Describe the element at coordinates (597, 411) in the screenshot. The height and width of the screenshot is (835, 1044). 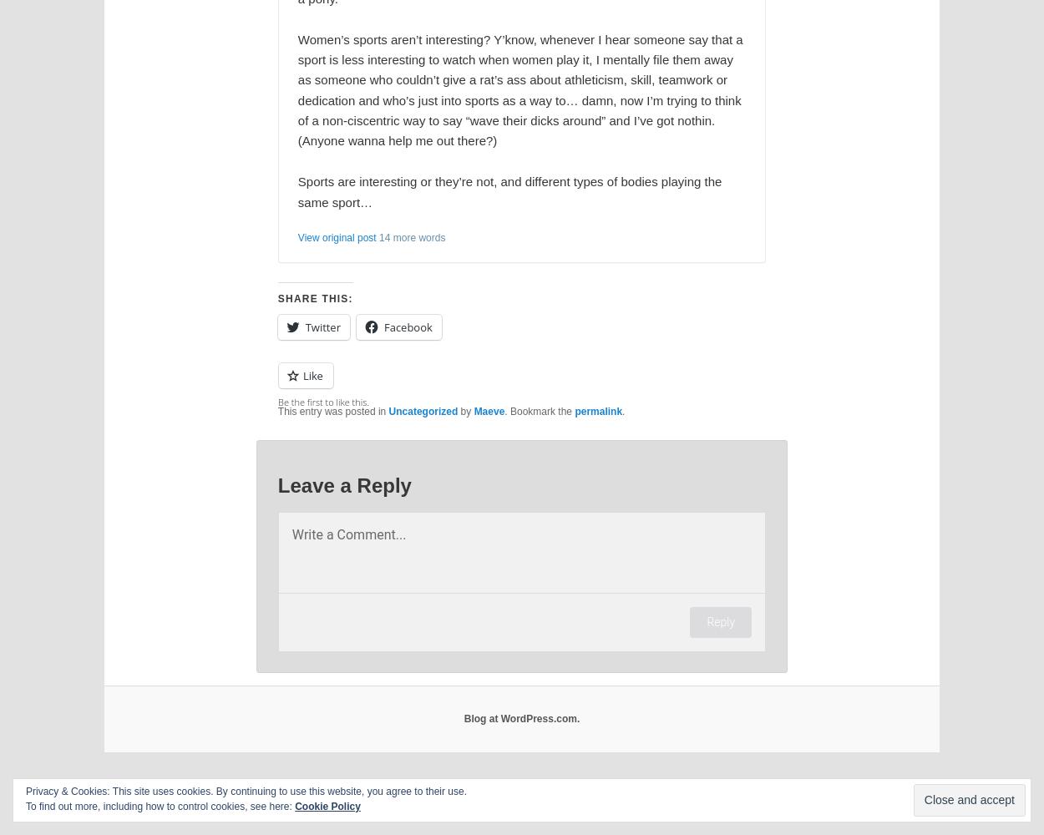
I see `'permalink'` at that location.